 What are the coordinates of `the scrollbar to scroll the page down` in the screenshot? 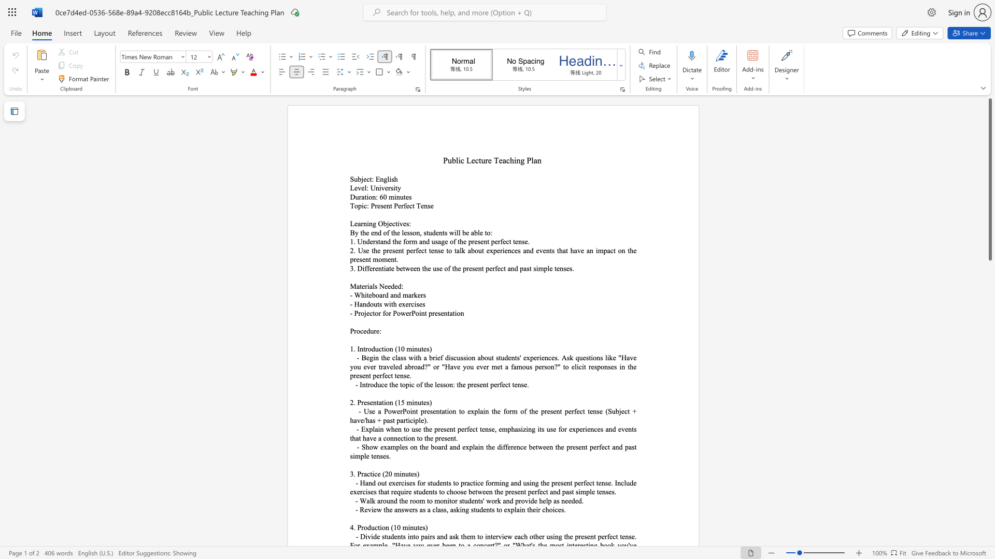 It's located at (989, 305).